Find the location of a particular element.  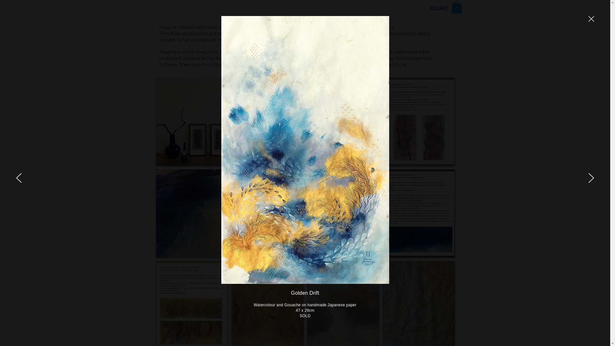

'HOME' is located at coordinates (439, 8).